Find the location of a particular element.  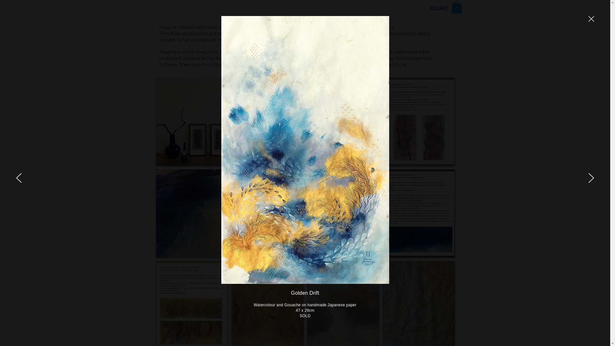

'HOME' is located at coordinates (439, 8).